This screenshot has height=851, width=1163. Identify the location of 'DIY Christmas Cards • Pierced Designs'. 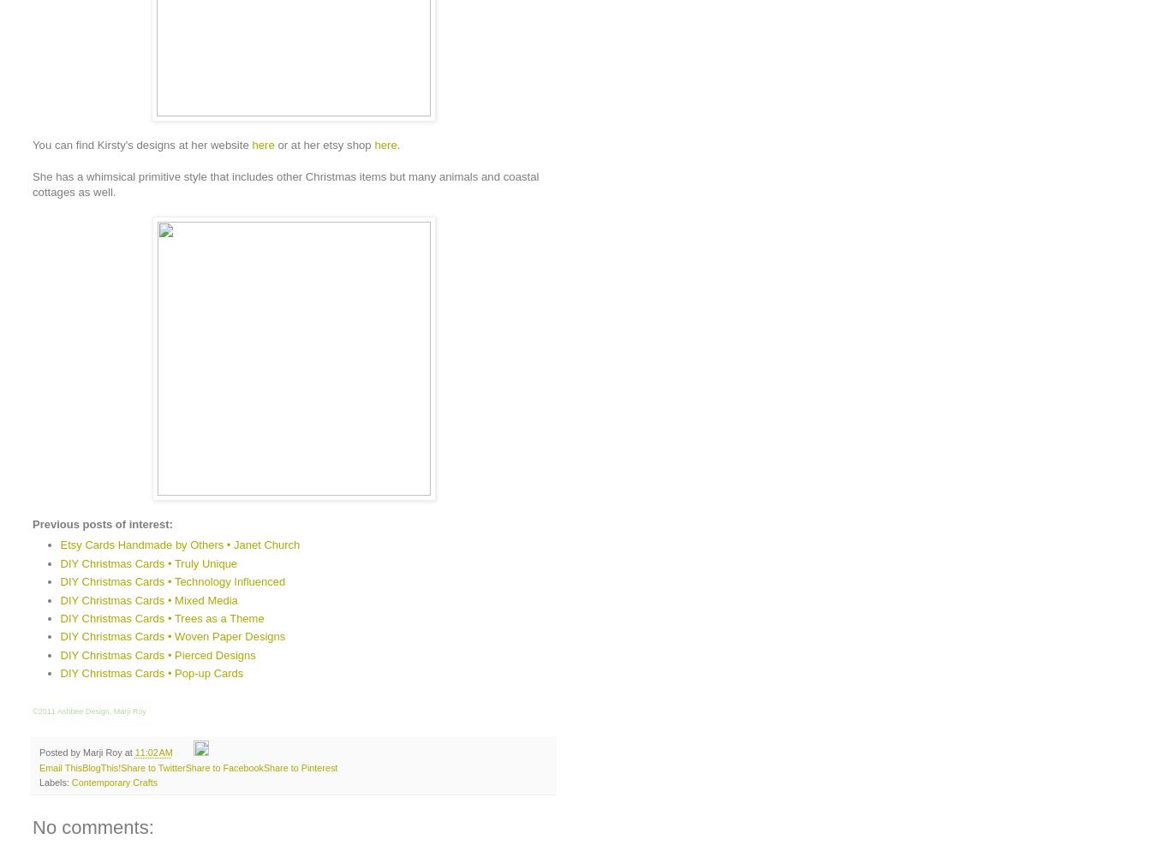
(158, 653).